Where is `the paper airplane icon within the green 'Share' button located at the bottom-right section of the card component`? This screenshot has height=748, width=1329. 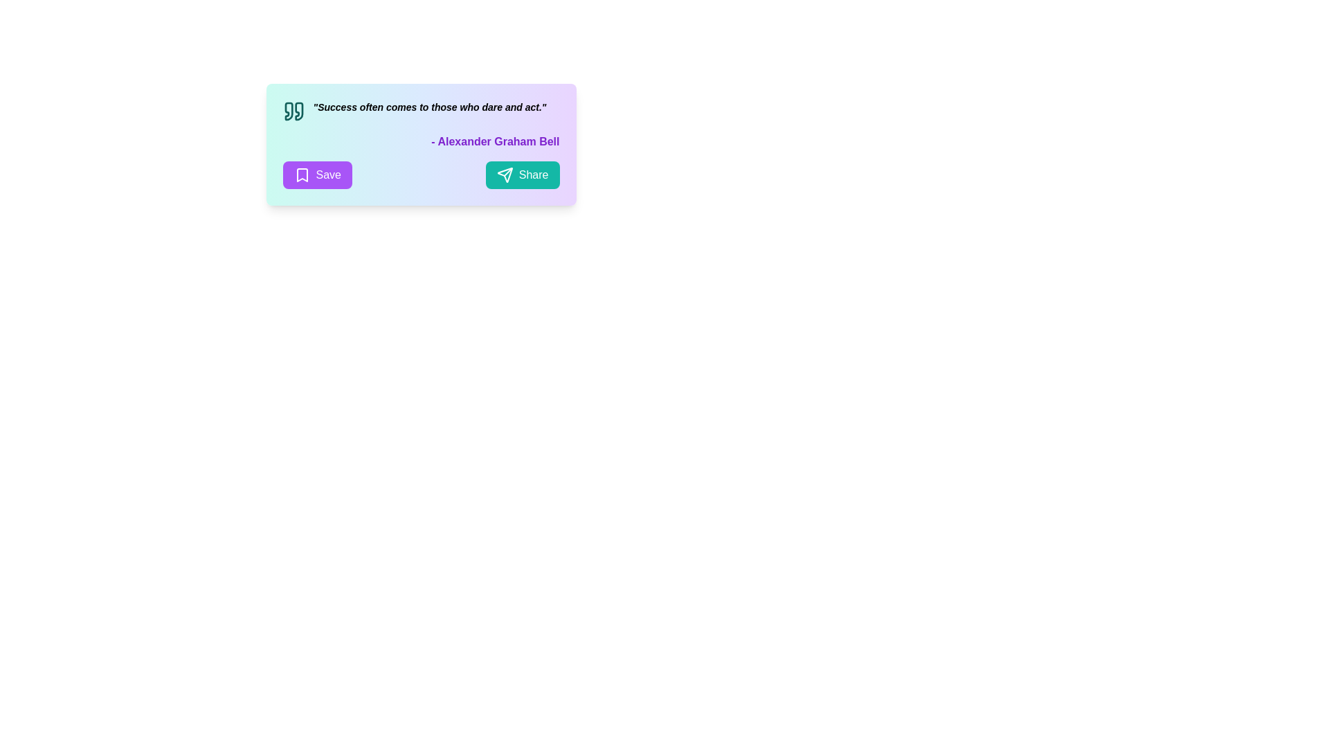
the paper airplane icon within the green 'Share' button located at the bottom-right section of the card component is located at coordinates (504, 175).